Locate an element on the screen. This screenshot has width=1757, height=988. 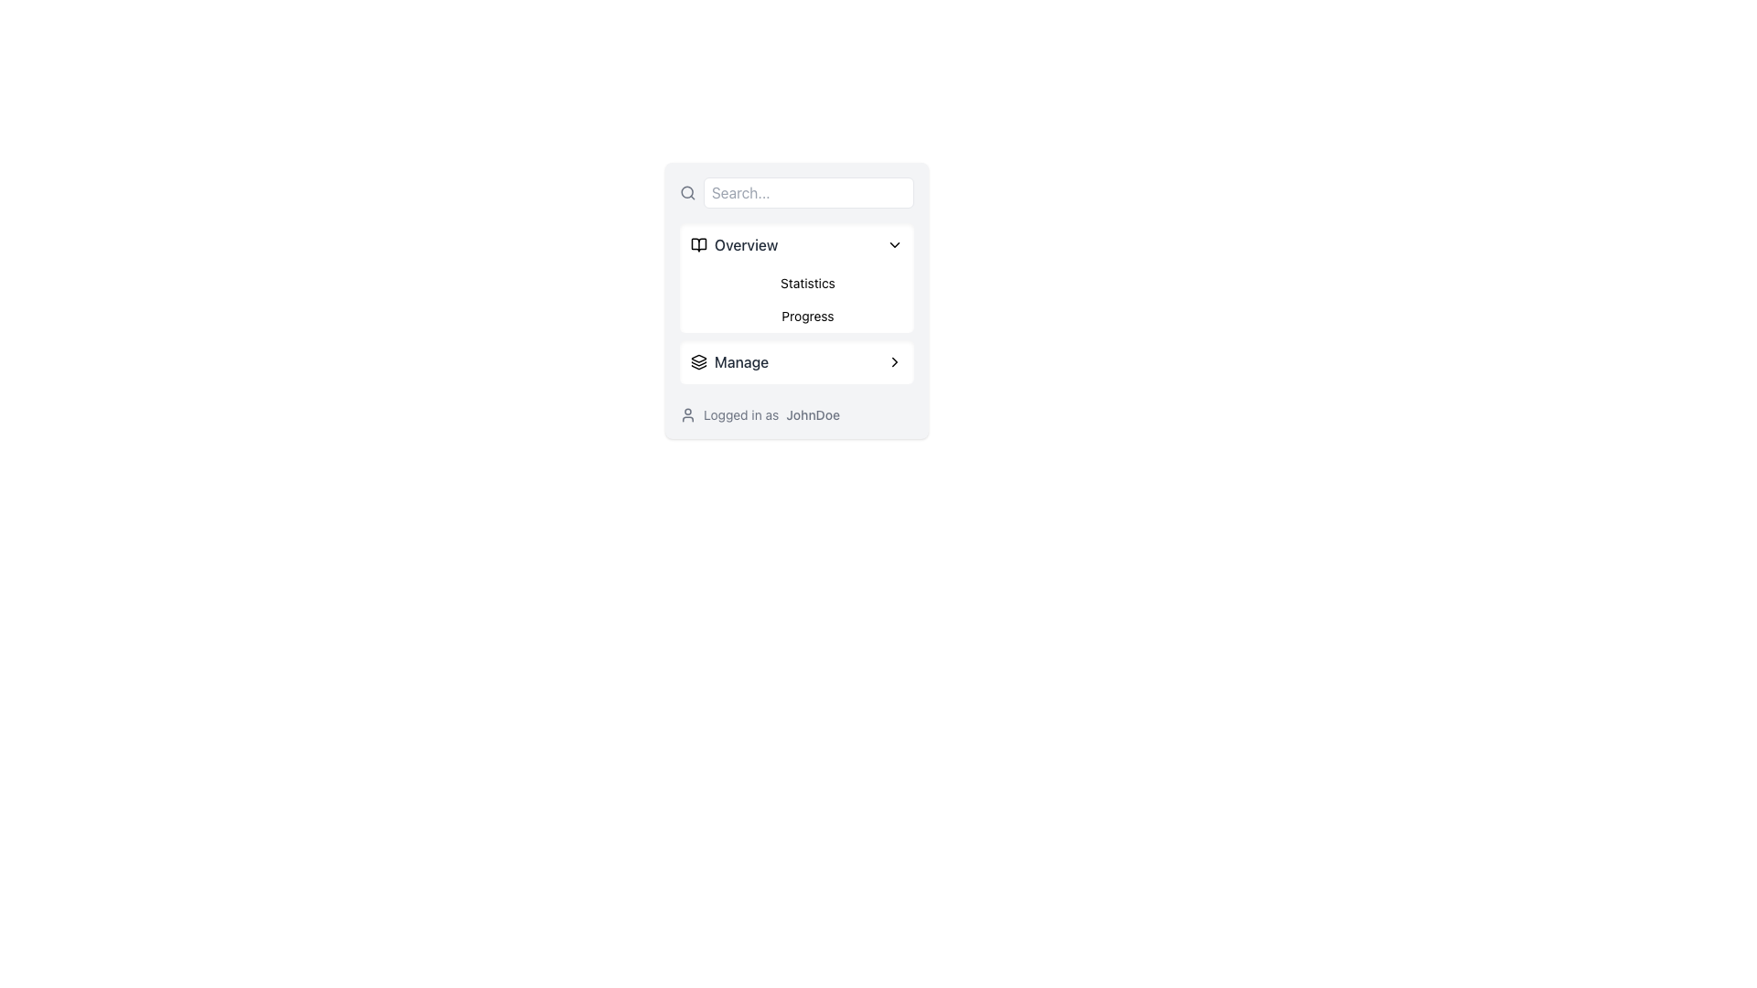
the user icon, which is a small circular head with a semi-circular body outline, located to the left of the text 'Logged in as JohnDoe' in the lower-left corner of the main panel is located at coordinates (687, 415).